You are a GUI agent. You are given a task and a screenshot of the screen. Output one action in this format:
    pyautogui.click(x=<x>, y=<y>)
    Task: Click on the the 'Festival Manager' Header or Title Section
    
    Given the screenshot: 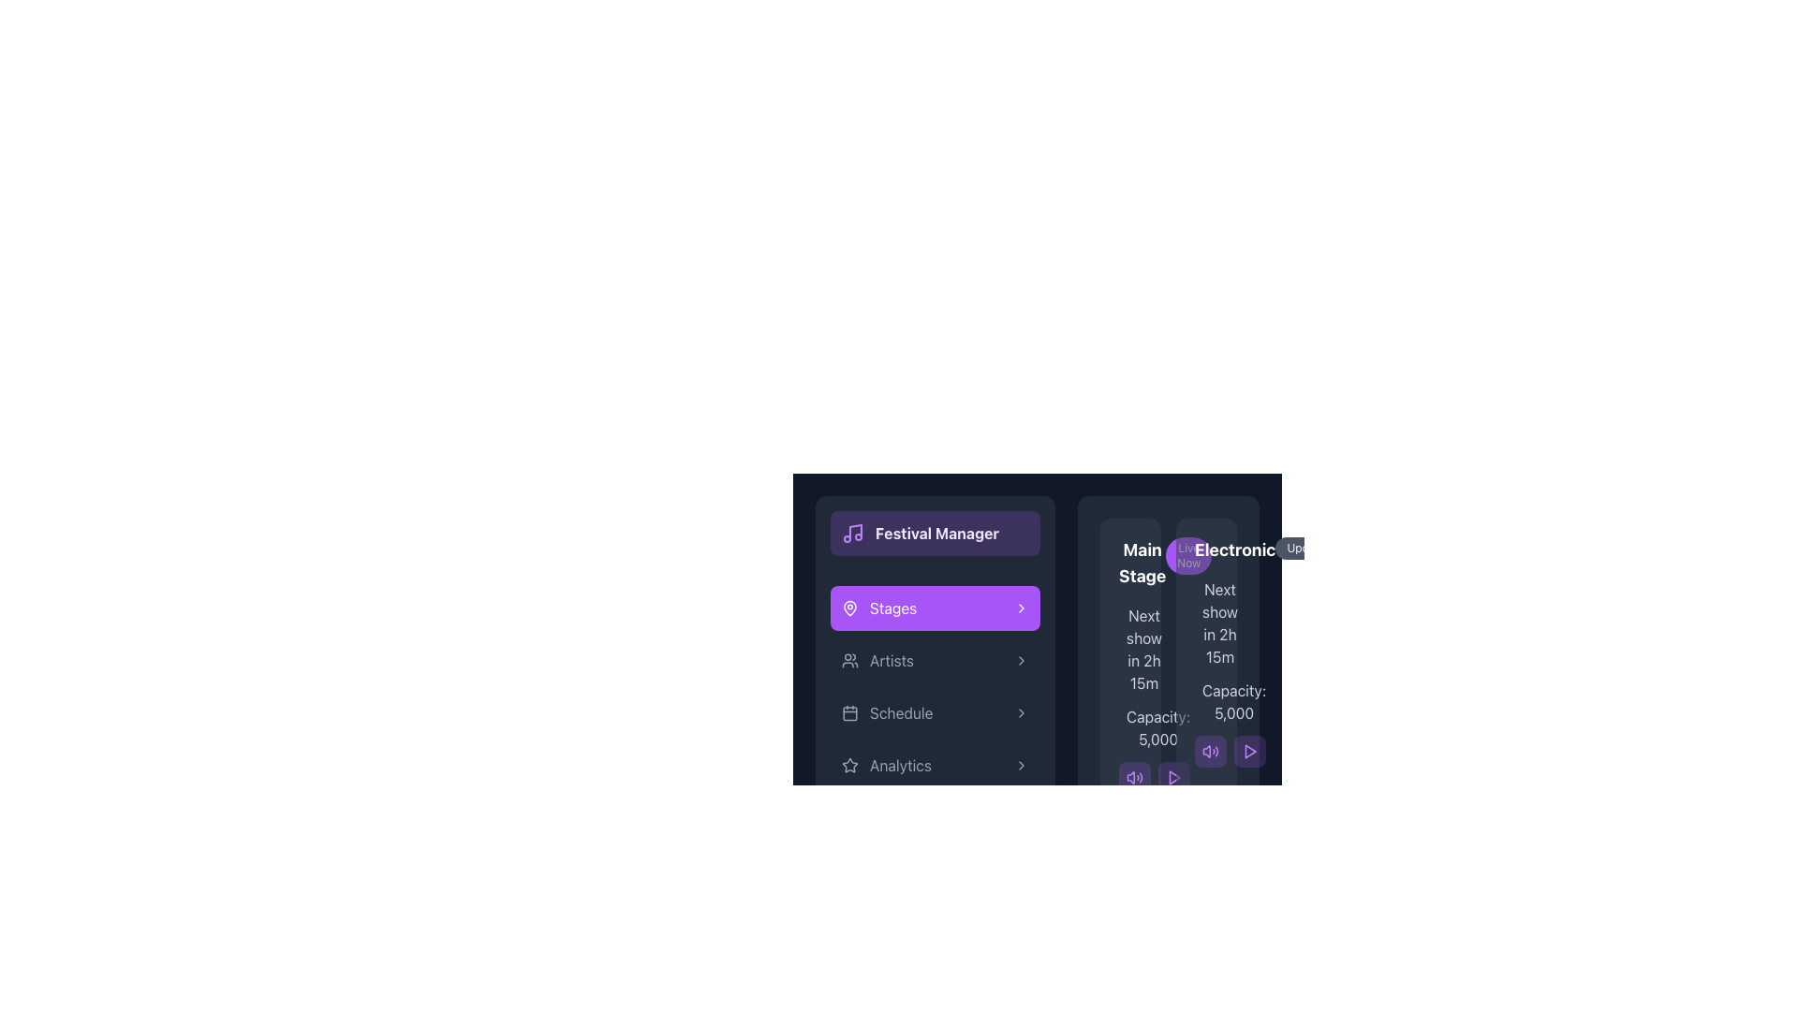 What is the action you would take?
    pyautogui.click(x=935, y=534)
    